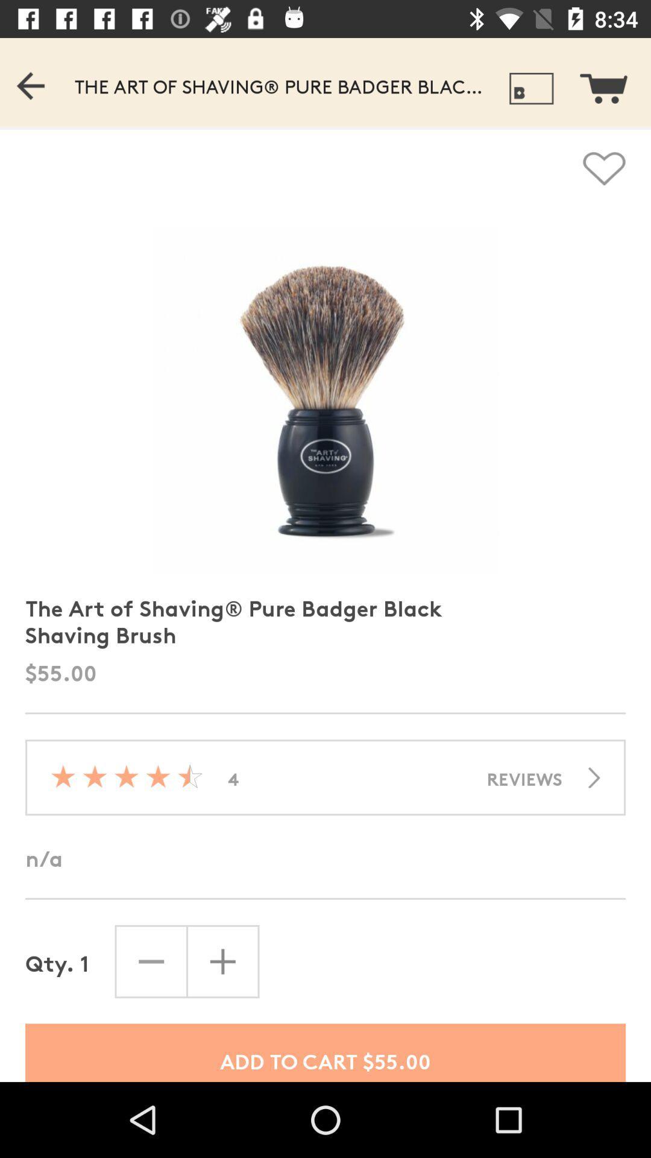 This screenshot has height=1158, width=651. I want to click on see shopping cart, so click(611, 81).